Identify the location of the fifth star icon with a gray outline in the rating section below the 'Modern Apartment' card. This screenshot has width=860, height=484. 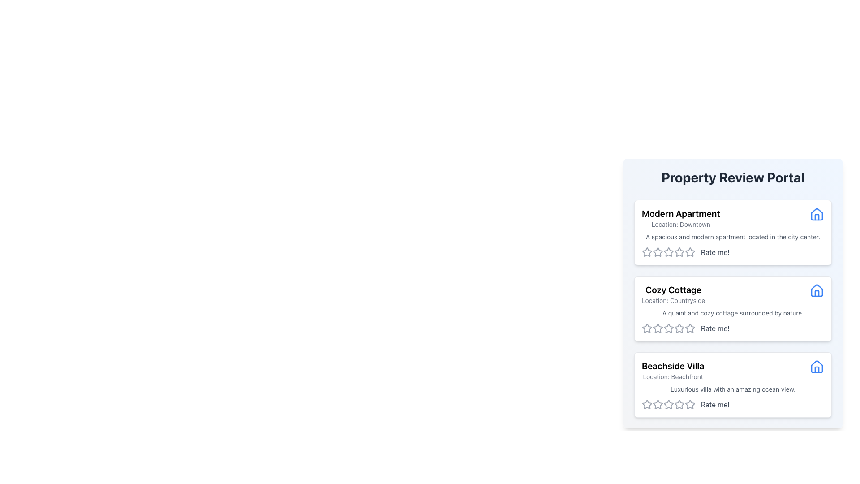
(679, 252).